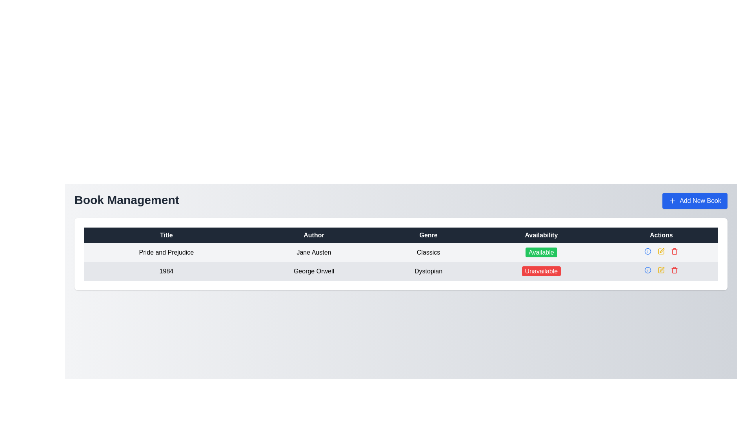 The image size is (753, 423). What do you see at coordinates (401, 271) in the screenshot?
I see `information within the second row of the data table under the 'Book Management' section, which details the book '1984'` at bounding box center [401, 271].